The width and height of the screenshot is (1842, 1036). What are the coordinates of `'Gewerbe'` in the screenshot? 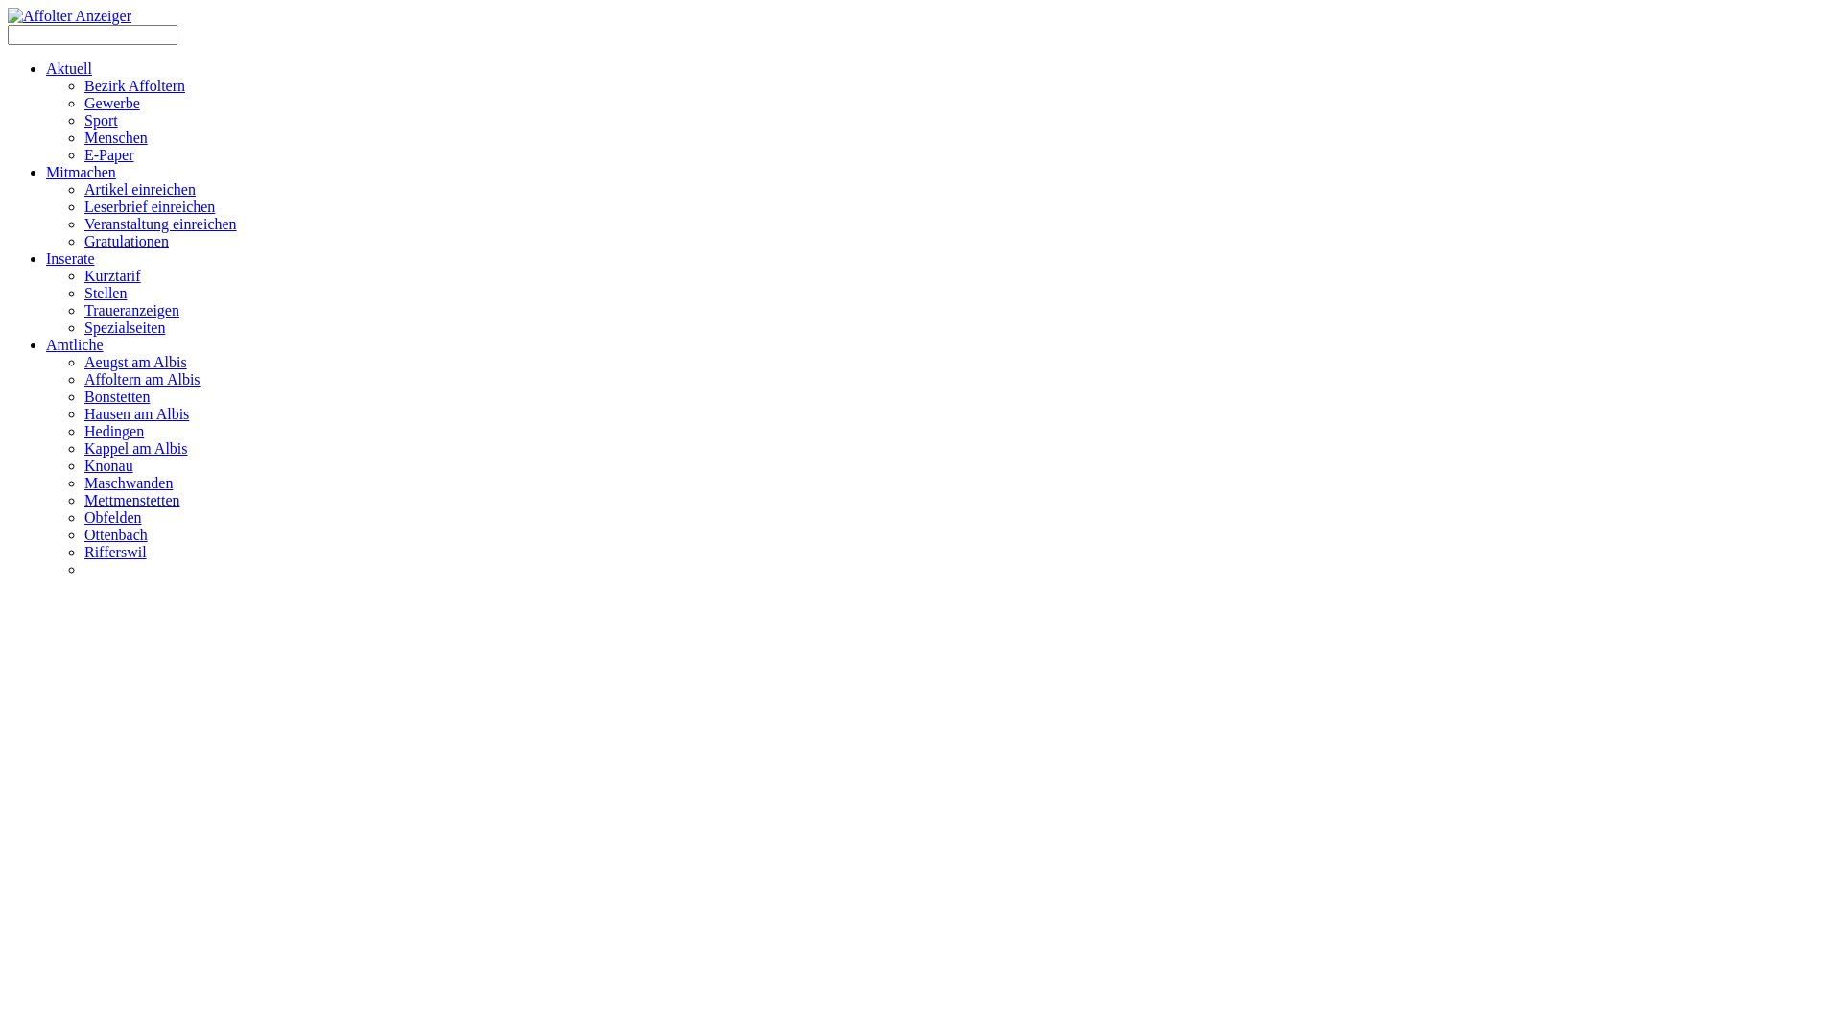 It's located at (110, 103).